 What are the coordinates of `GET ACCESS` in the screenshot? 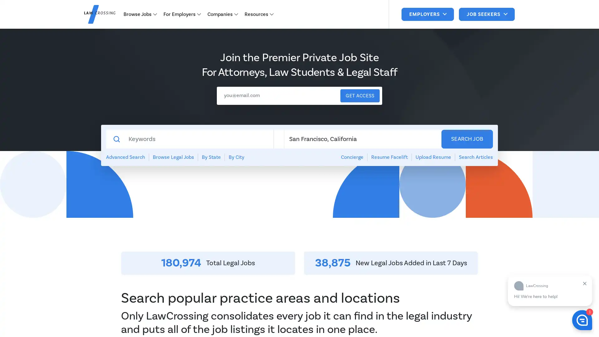 It's located at (360, 96).